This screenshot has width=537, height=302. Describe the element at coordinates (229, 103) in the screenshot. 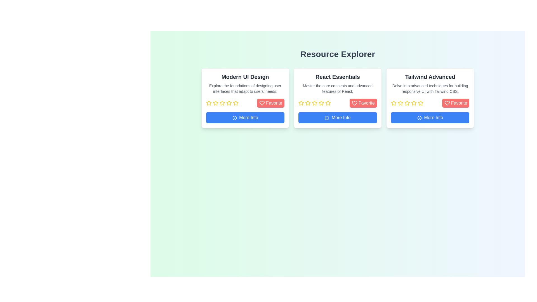

I see `the fourth yellow star icon with a hollow center in the 'Modern UI Design' card` at that location.